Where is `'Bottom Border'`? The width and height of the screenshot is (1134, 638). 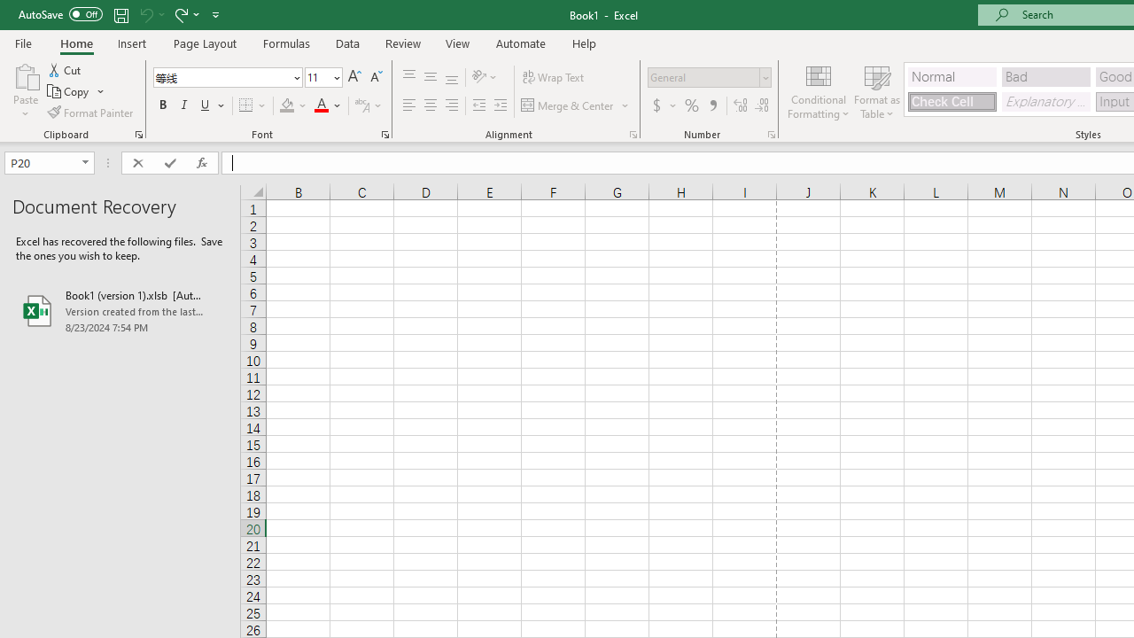 'Bottom Border' is located at coordinates (245, 105).